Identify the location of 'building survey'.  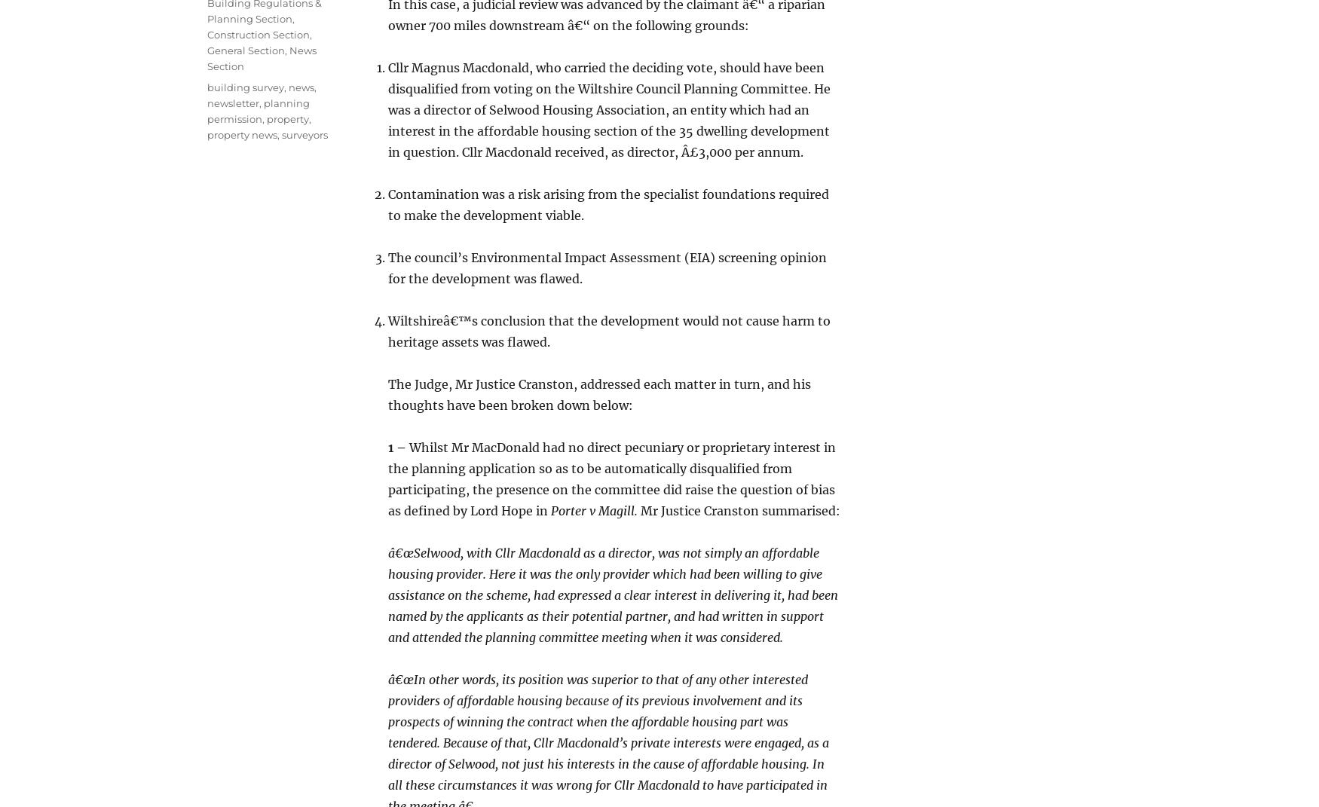
(246, 87).